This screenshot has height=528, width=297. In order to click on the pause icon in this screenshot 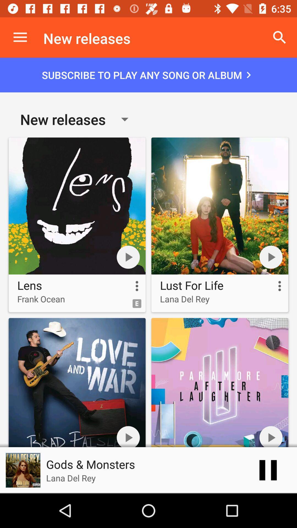, I will do `click(268, 470)`.